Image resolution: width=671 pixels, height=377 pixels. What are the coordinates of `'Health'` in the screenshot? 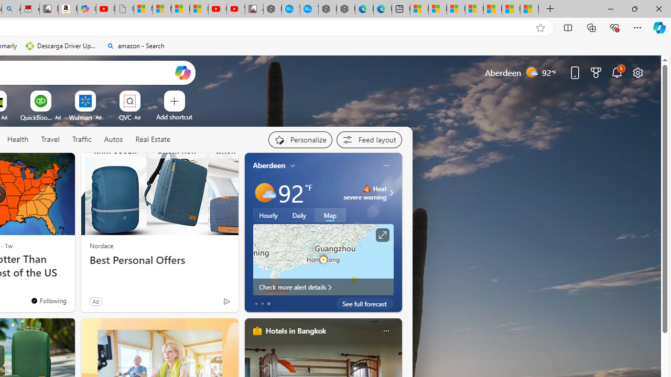 It's located at (18, 139).